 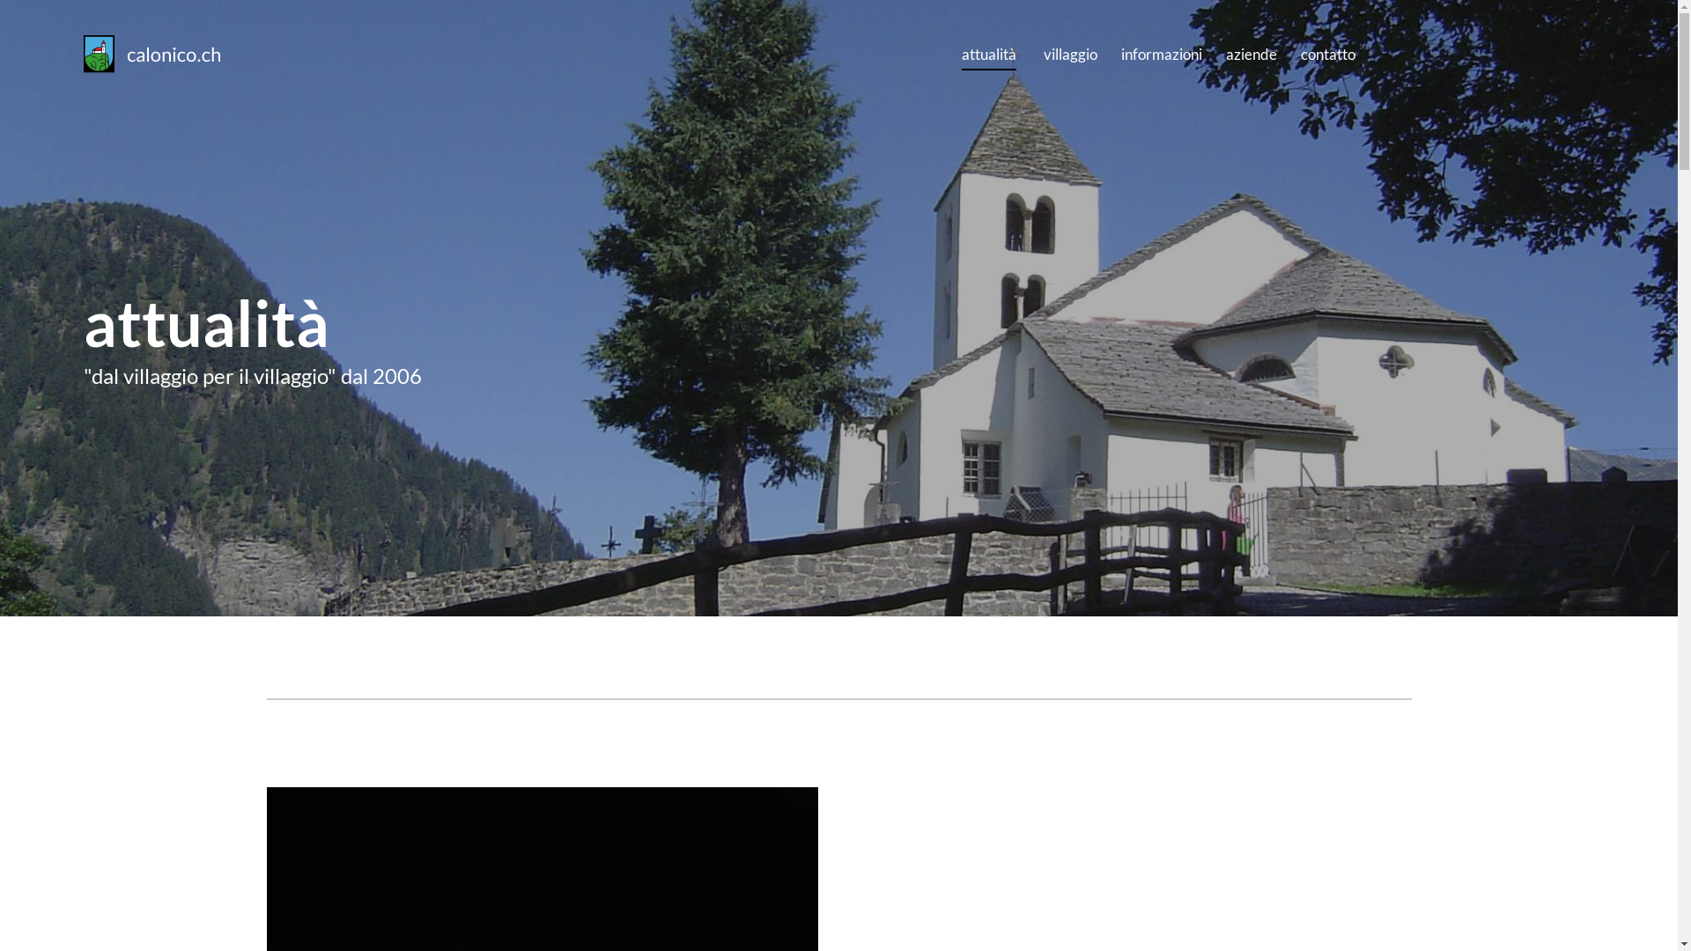 What do you see at coordinates (1327, 52) in the screenshot?
I see `'contatto'` at bounding box center [1327, 52].